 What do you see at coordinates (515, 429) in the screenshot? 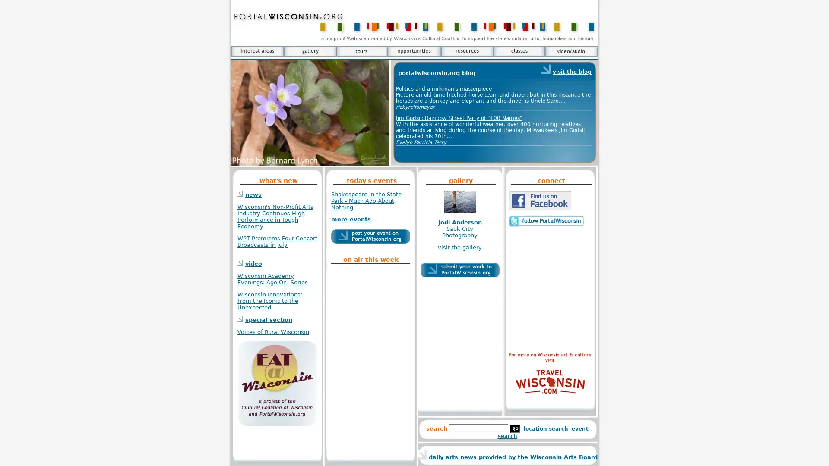
I see `go` at bounding box center [515, 429].